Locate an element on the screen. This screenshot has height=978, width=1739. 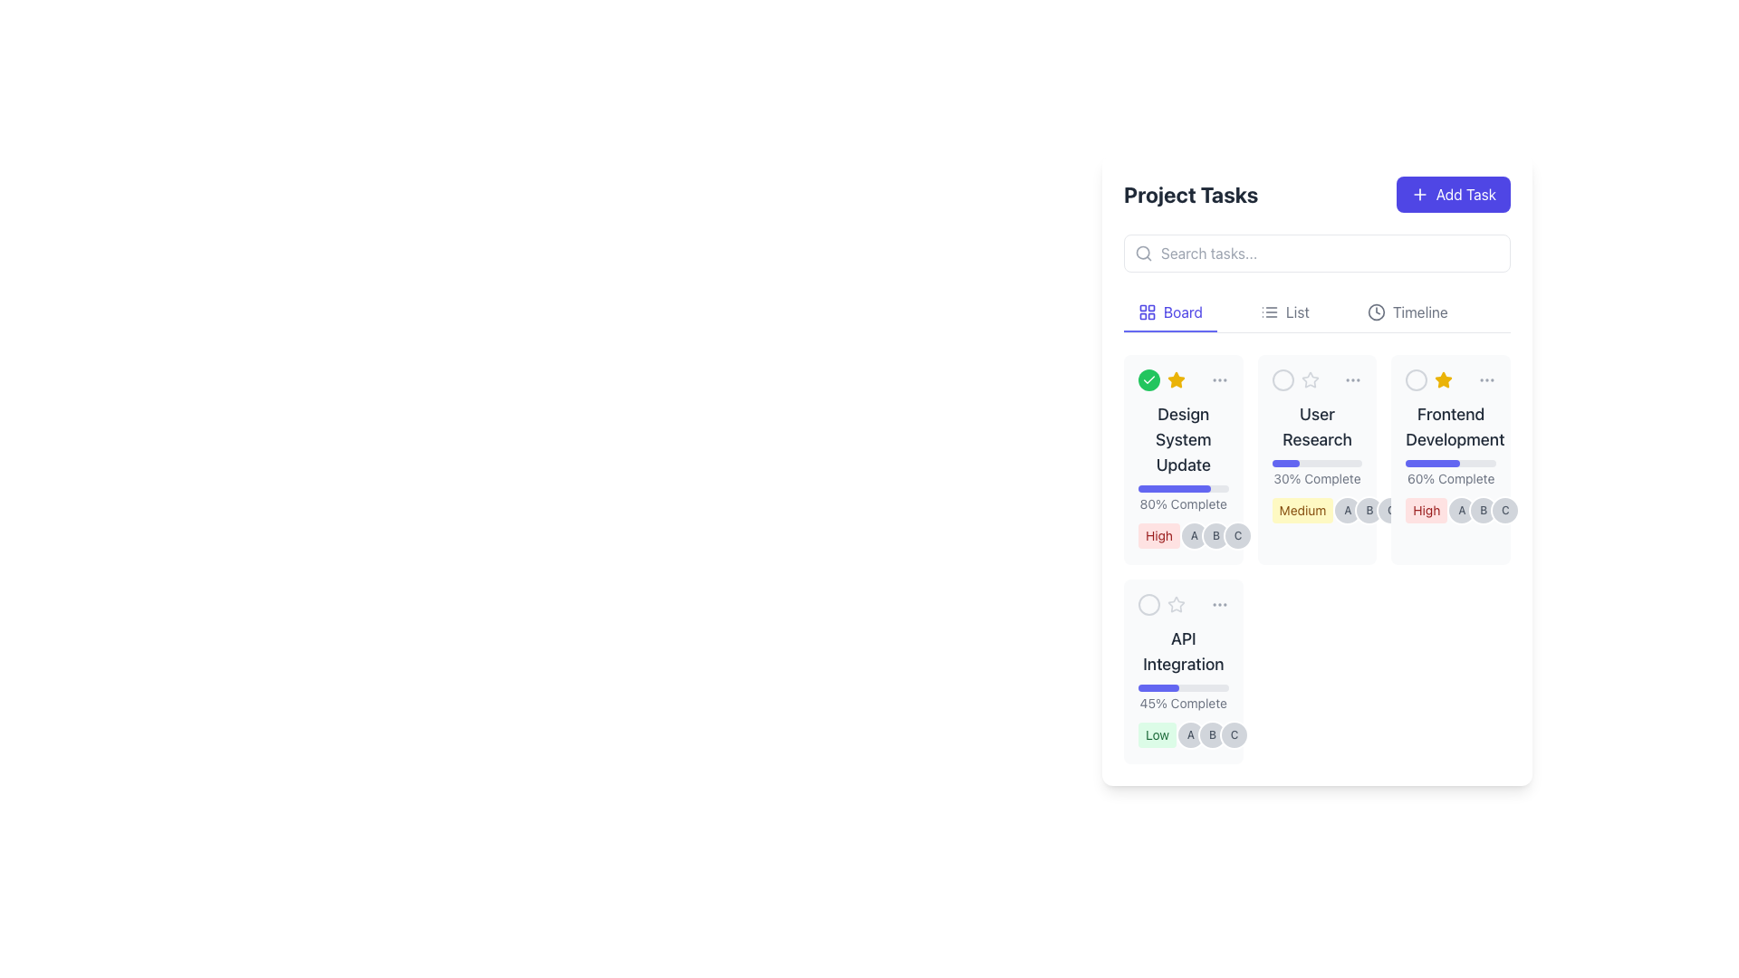
the information represented by the Avatar or Badge, which is the third circle from the left in the horizontal arrangement within the 'Frontend Development' task card under the 'Project Tasks' section is located at coordinates (1505, 510).